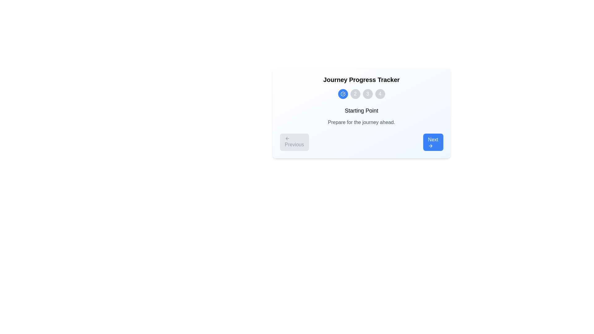 This screenshot has width=594, height=334. I want to click on the first circular Icon Button in the Journey Progress Tracker section, which indicates a completed step, so click(342, 94).